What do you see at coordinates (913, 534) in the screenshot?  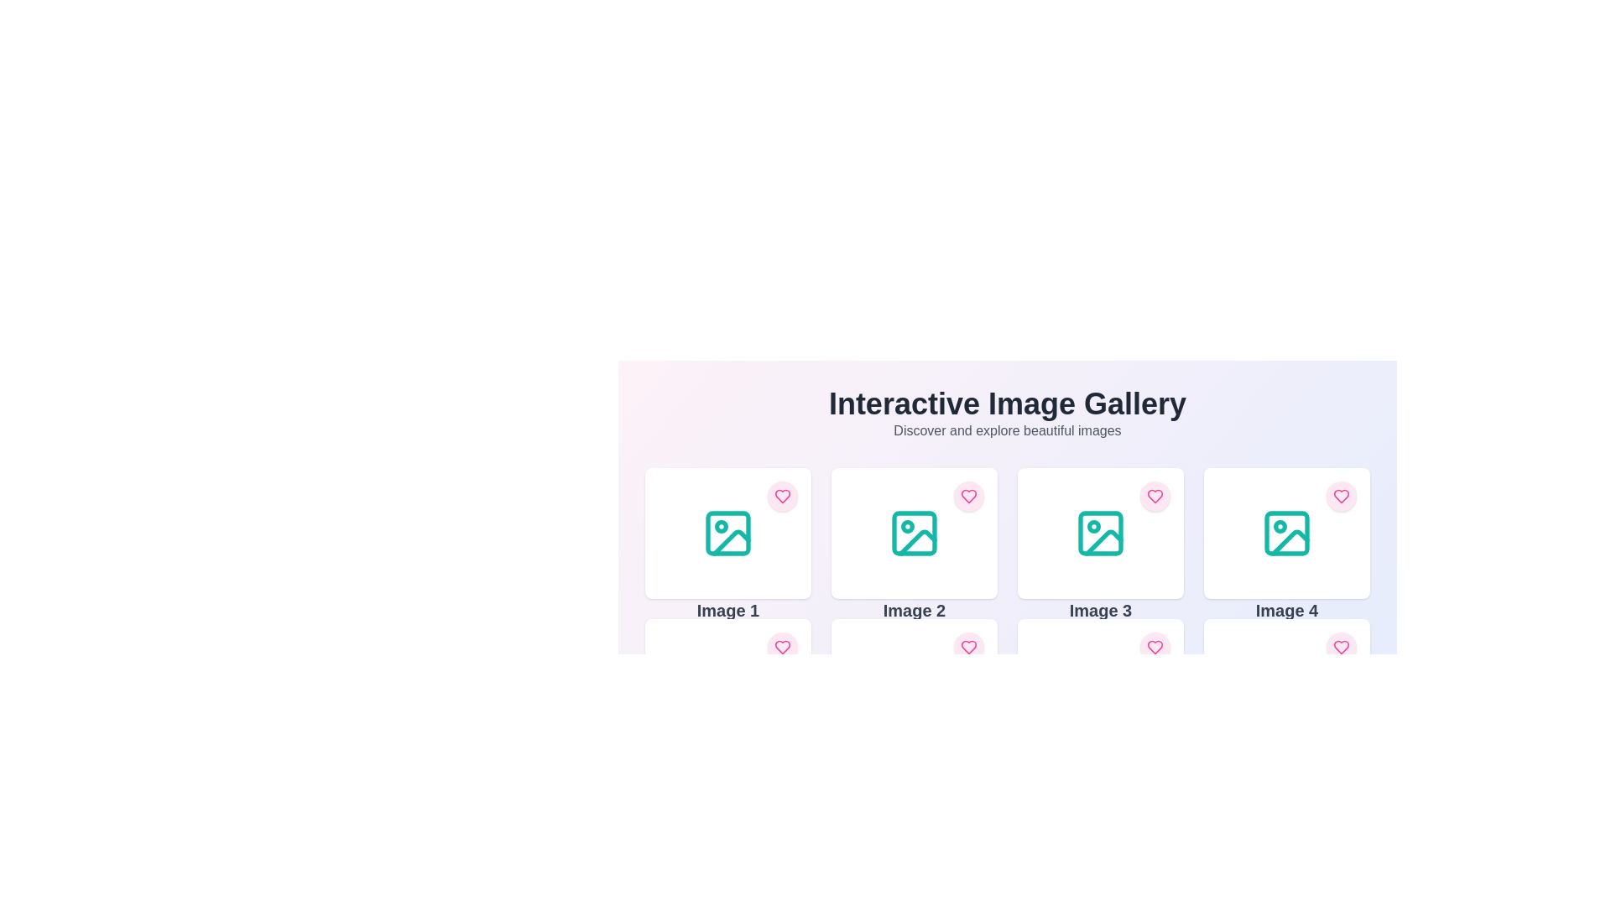 I see `the image icon located centrally within the second card titled 'Image 2' in the grid layout to interact with the image content` at bounding box center [913, 534].